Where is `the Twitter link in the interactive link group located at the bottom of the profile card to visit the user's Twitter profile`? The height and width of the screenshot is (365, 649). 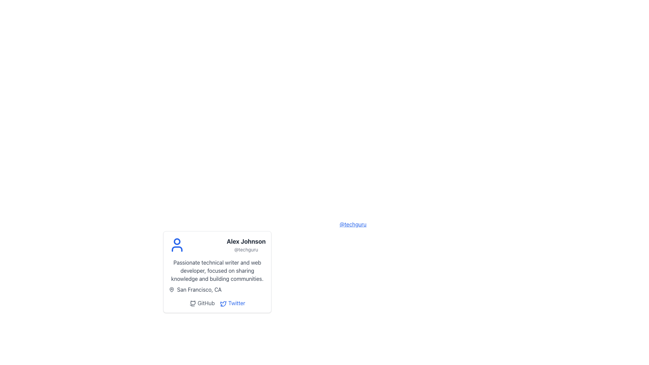
the Twitter link in the interactive link group located at the bottom of the profile card to visit the user's Twitter profile is located at coordinates (217, 303).